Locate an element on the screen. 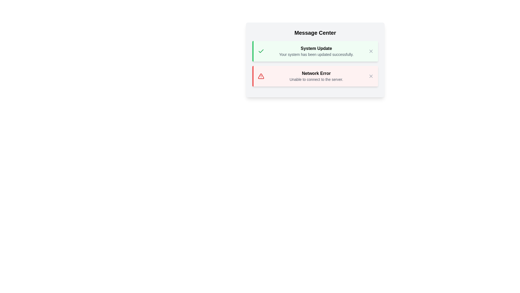 Image resolution: width=520 pixels, height=293 pixels. the green checkmark icon located in the 'System Update' section of the 'Message Center' interface is located at coordinates (261, 51).